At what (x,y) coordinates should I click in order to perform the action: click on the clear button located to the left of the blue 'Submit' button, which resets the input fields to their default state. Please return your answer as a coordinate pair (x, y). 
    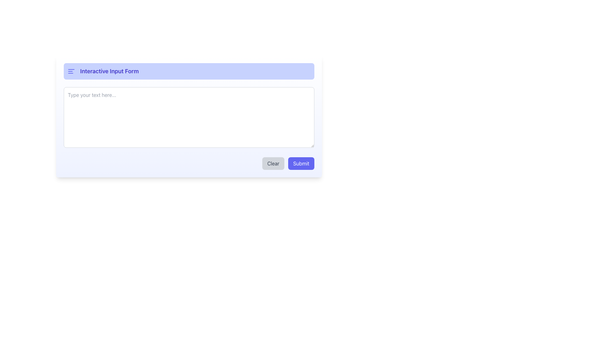
    Looking at the image, I should click on (273, 163).